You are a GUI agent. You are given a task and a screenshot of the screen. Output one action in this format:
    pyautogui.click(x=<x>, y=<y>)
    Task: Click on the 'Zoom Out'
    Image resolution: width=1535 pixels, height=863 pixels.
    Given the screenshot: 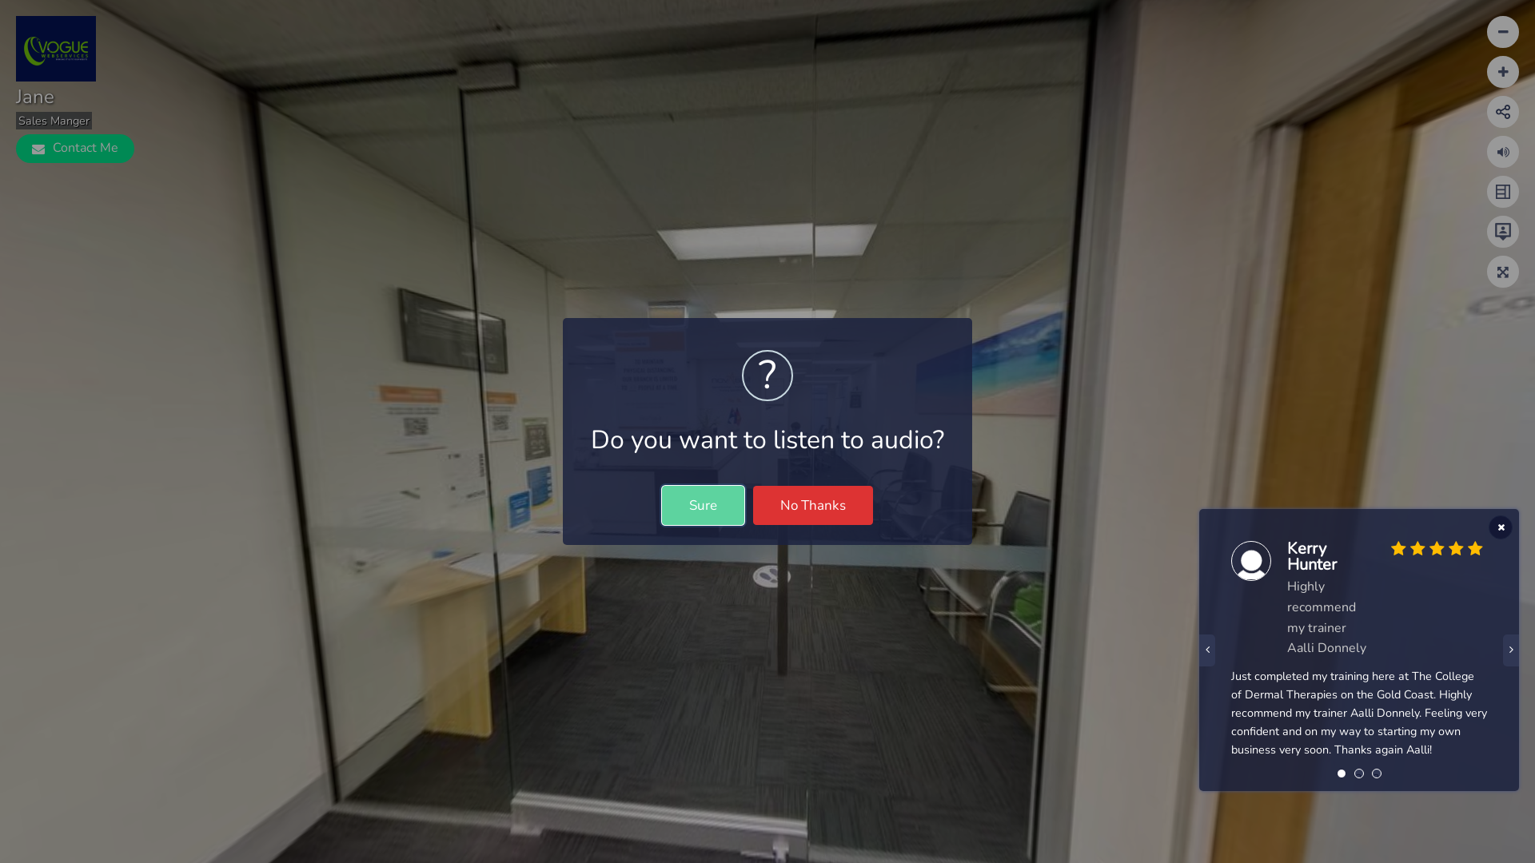 What is the action you would take?
    pyautogui.click(x=1502, y=70)
    